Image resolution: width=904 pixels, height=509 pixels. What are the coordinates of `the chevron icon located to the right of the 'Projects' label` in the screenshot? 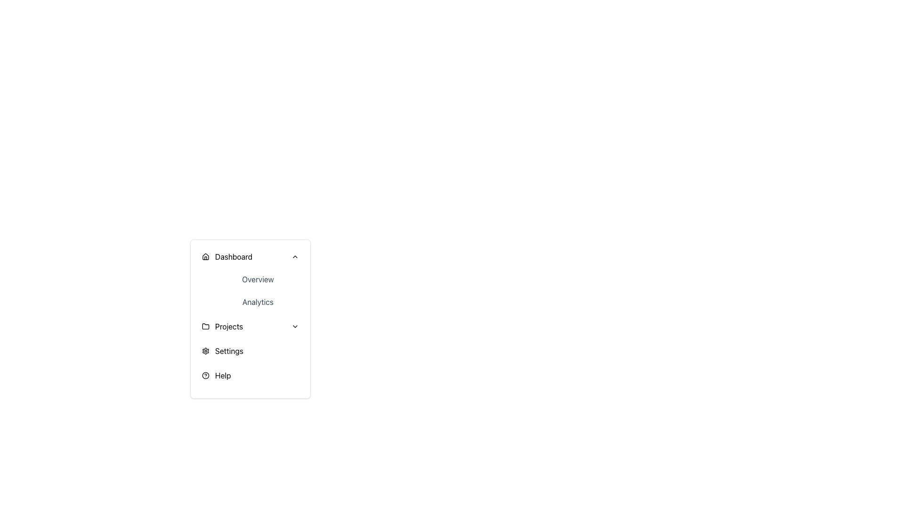 It's located at (295, 326).